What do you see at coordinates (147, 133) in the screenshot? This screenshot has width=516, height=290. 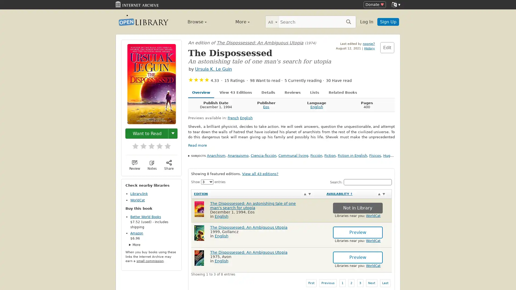 I see `Want to Read` at bounding box center [147, 133].